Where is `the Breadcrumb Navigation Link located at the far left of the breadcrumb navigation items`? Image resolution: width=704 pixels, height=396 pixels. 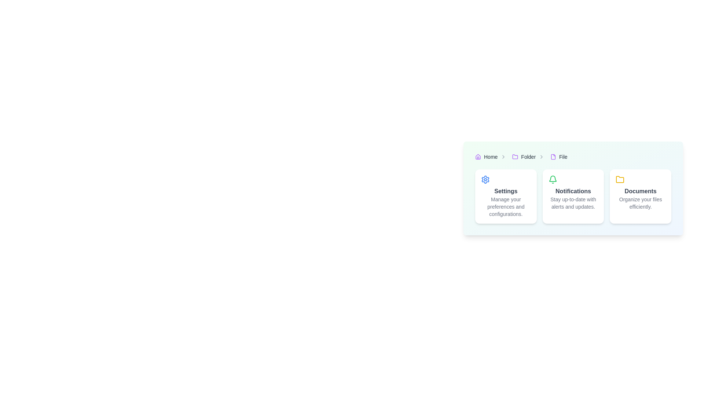 the Breadcrumb Navigation Link located at the far left of the breadcrumb navigation items is located at coordinates (492, 157).